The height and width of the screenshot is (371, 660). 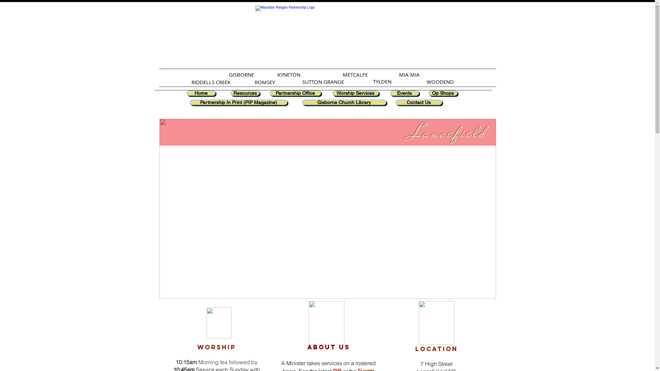 What do you see at coordinates (241, 74) in the screenshot?
I see `'GISBORNE'` at bounding box center [241, 74].